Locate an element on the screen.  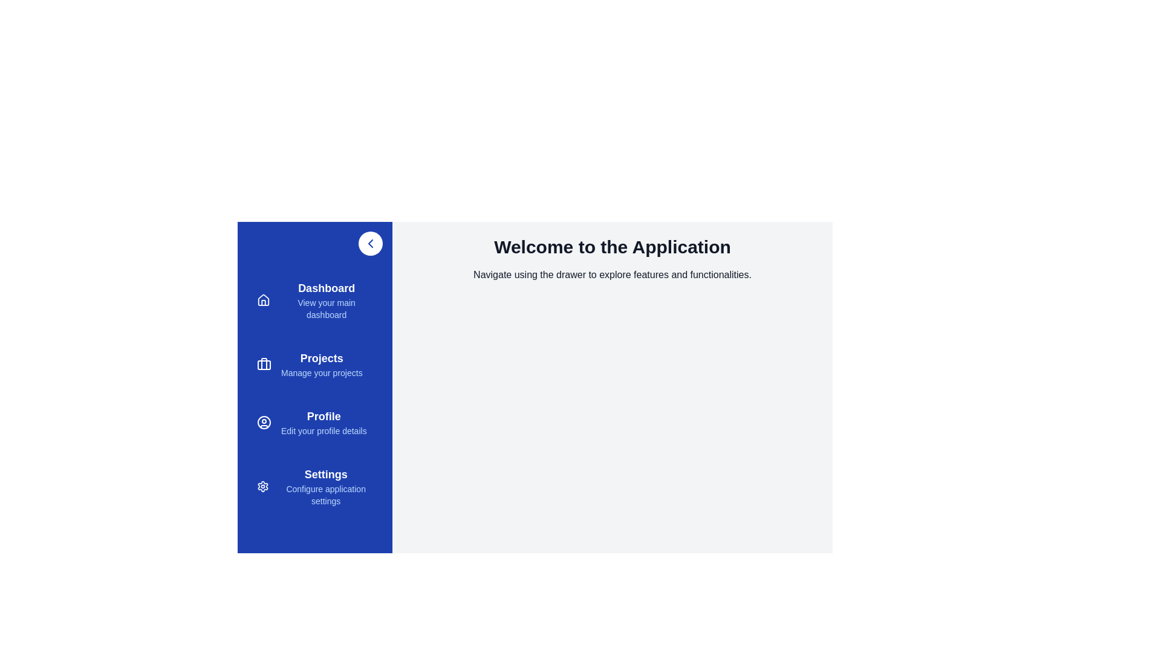
the menu item Projects to view its hover effect is located at coordinates (315, 363).